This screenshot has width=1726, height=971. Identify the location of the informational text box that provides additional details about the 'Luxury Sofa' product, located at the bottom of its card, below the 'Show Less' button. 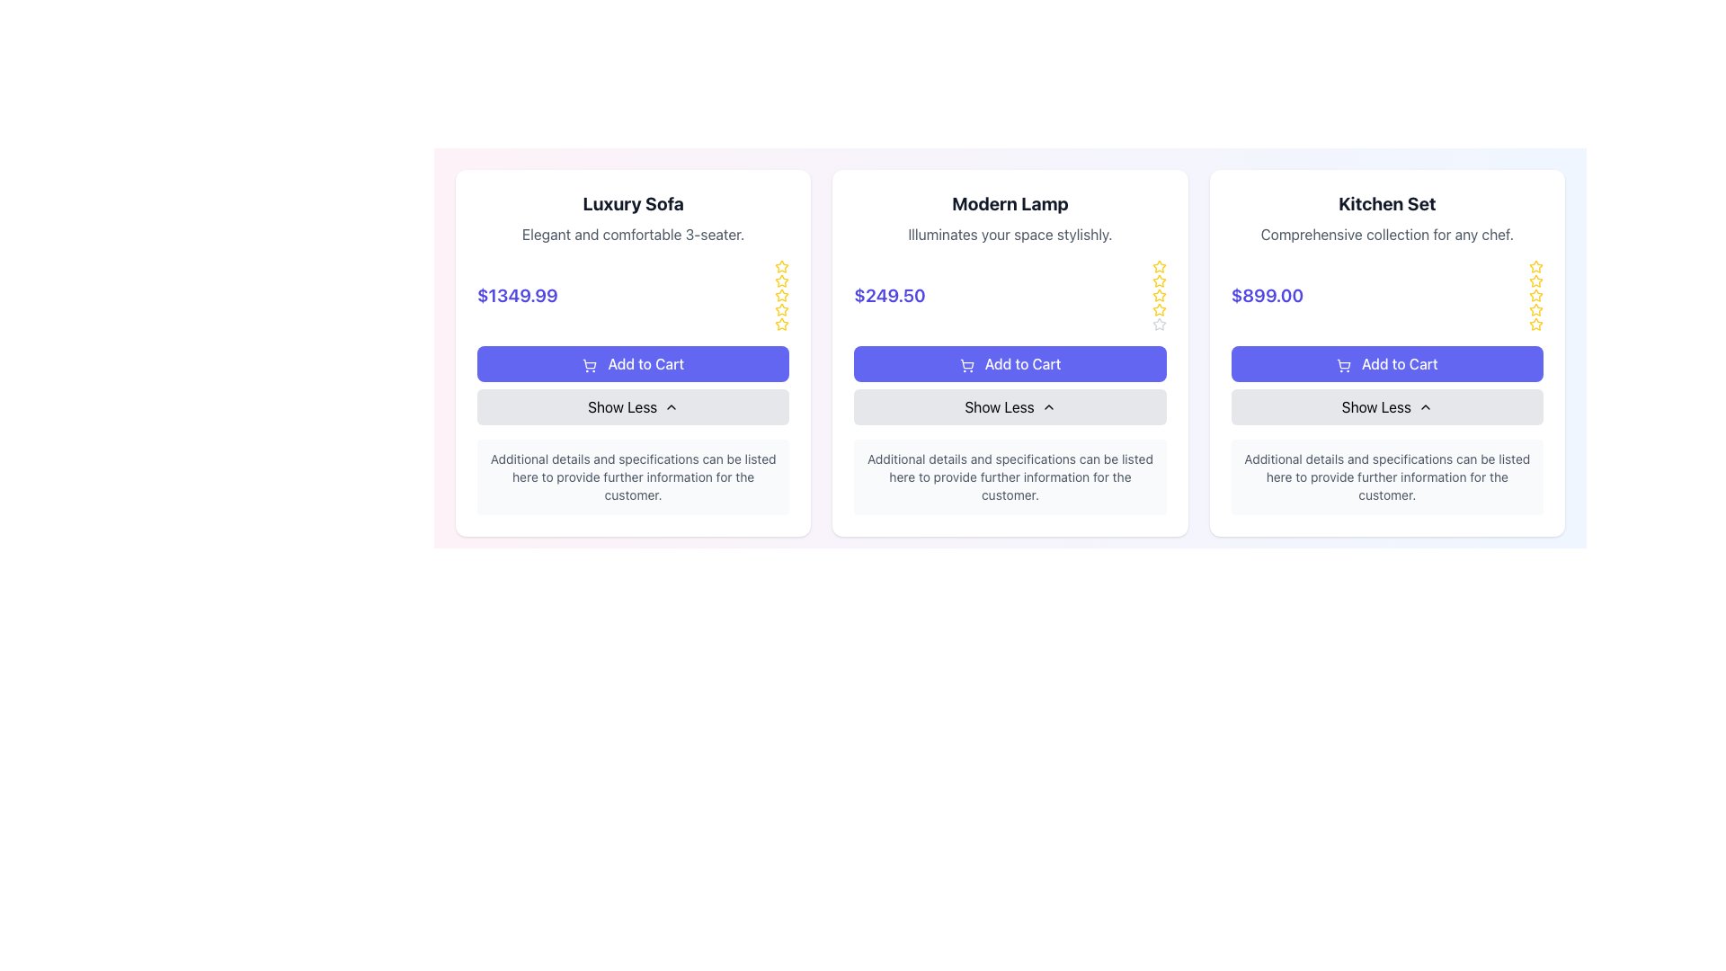
(633, 477).